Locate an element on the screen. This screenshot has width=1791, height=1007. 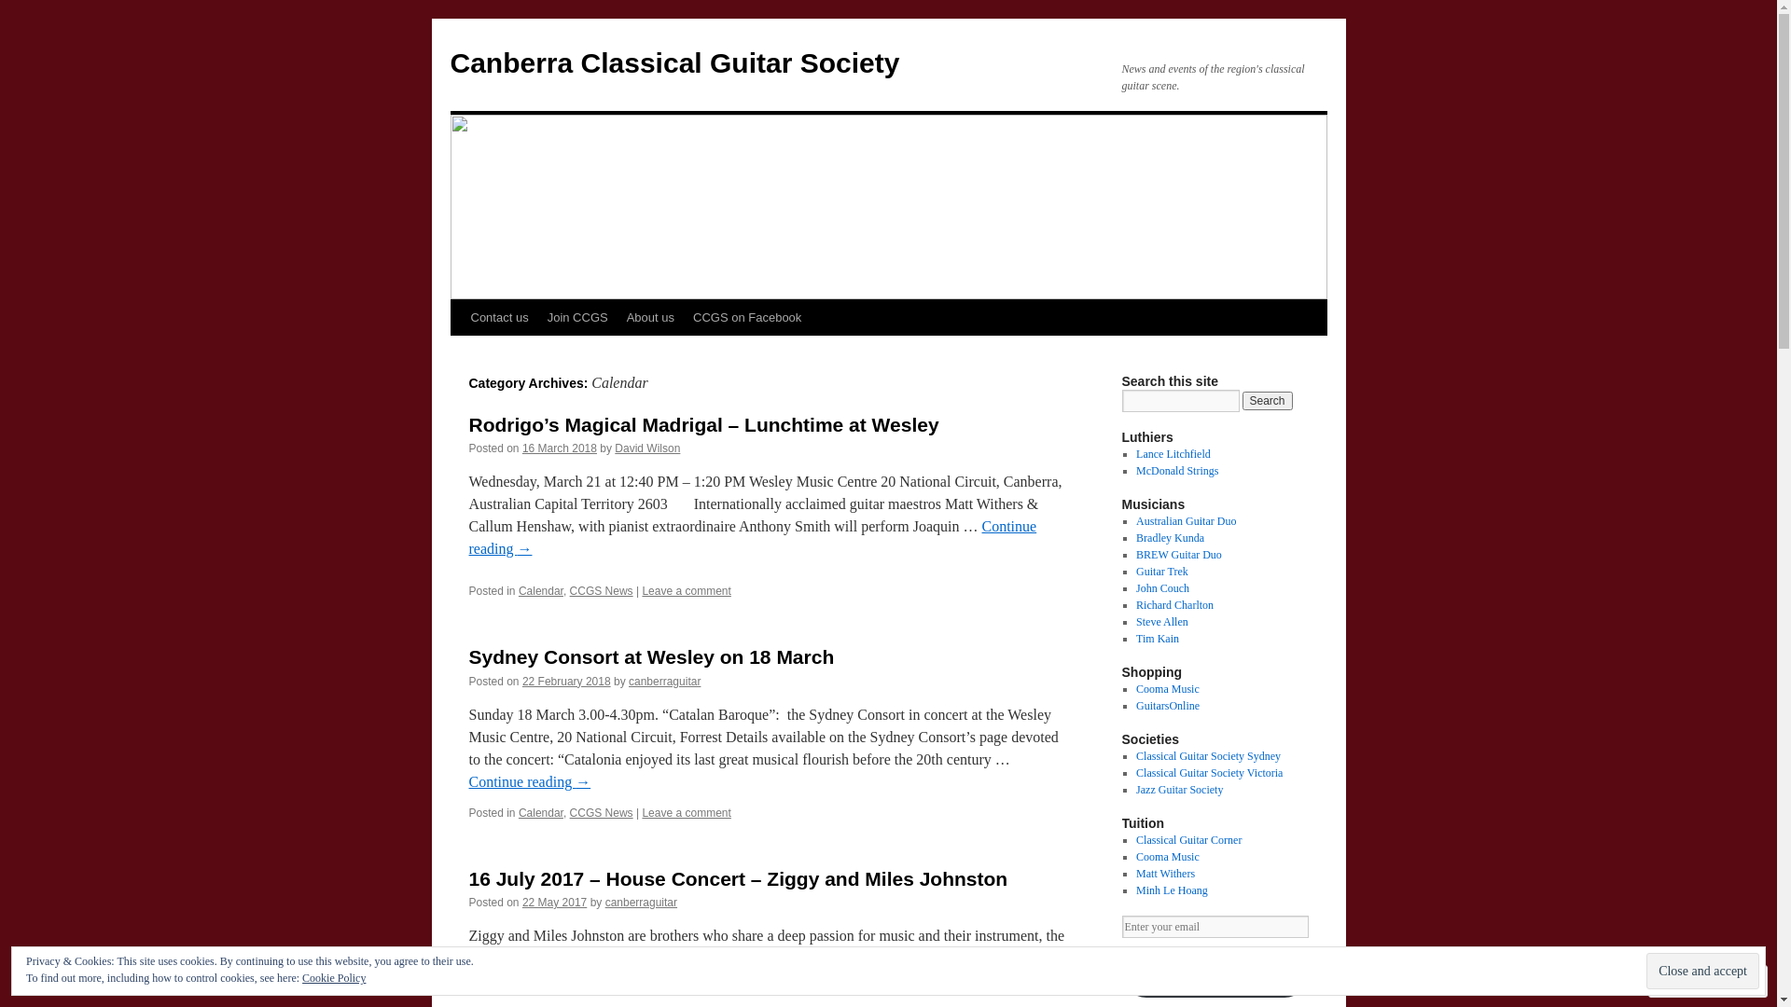
'22 February 2018' is located at coordinates (565, 682).